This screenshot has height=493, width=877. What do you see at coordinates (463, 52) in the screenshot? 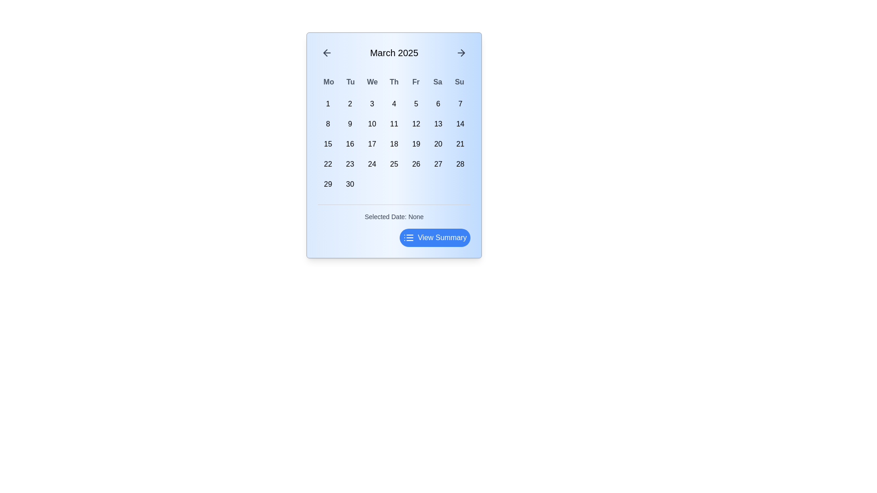
I see `the right-pointing arrow icon in the calendar navigation UI` at bounding box center [463, 52].